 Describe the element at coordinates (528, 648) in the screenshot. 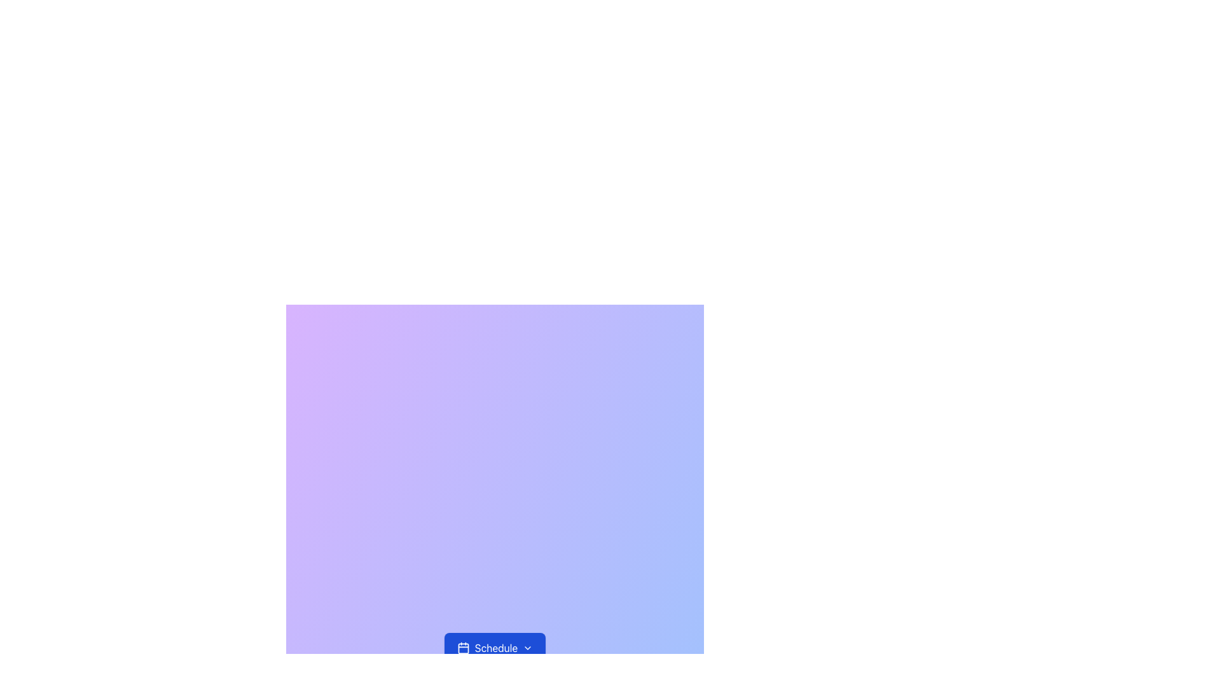

I see `the chevron icon located to the right of the 'Schedule' button` at that location.